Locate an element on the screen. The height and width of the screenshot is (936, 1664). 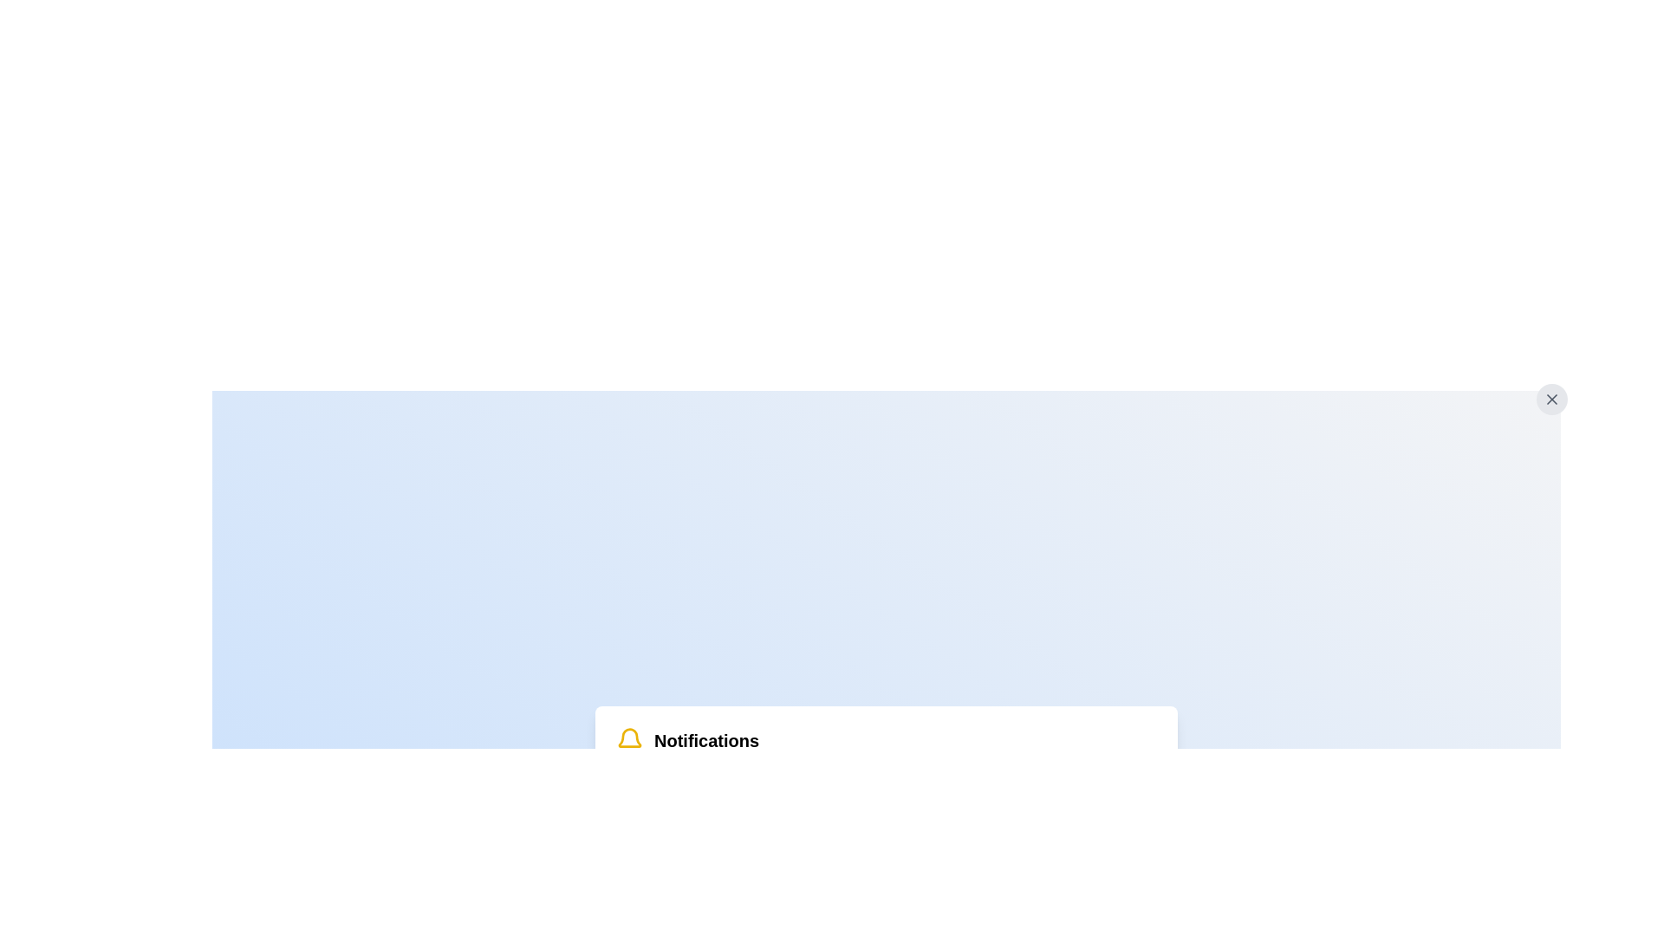
the 'X' icon styled as a close button located at the top-right corner of the notification box is located at coordinates (1551, 400).